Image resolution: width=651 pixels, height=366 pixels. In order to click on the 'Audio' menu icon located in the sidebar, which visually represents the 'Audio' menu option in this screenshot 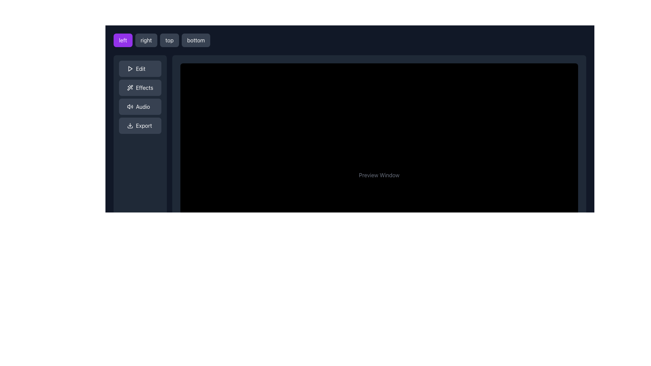, I will do `click(130, 107)`.